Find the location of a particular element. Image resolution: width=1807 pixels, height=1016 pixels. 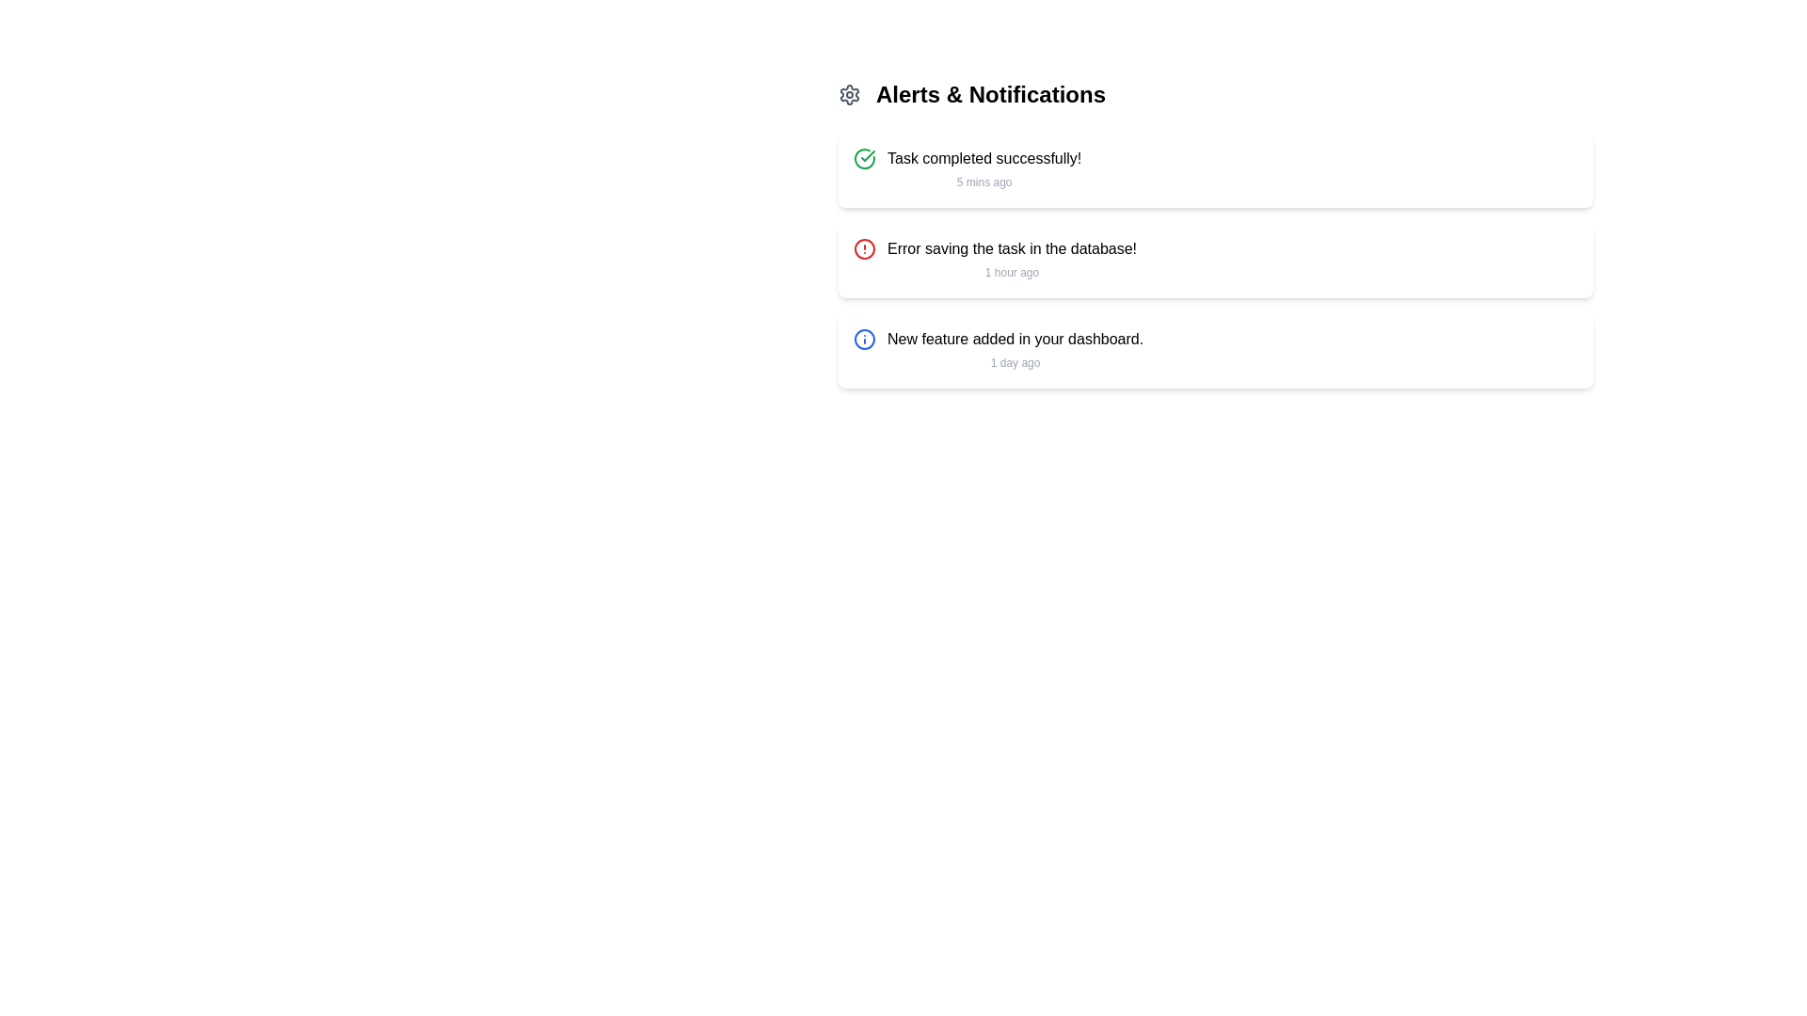

the text label displaying '1 day ago', which is located in the bottom-right corner of the notification about the new feature in the dashboard is located at coordinates (1015, 362).